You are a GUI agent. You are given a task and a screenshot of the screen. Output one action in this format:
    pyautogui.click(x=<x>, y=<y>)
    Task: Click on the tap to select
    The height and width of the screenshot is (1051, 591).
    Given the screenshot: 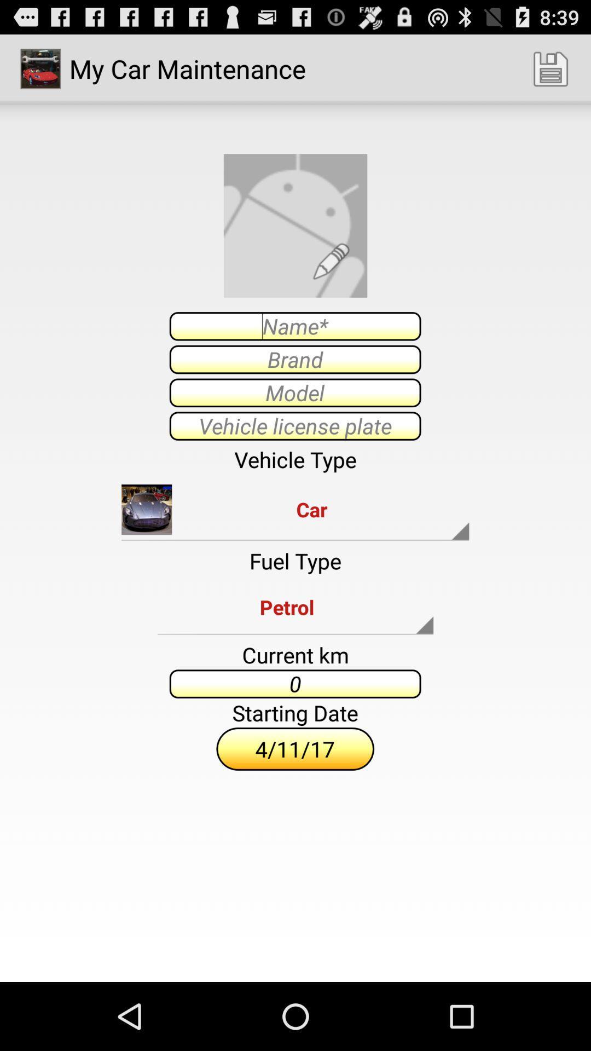 What is the action you would take?
    pyautogui.click(x=294, y=392)
    